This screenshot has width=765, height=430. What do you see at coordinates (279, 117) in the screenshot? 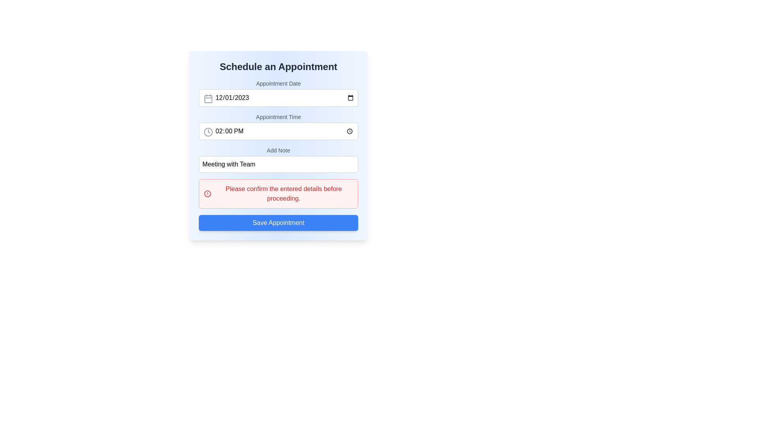
I see `the label that displays 'Appointment Time', which is positioned above the time selector and between the 'Appointment Date' field and the time selector box` at bounding box center [279, 117].